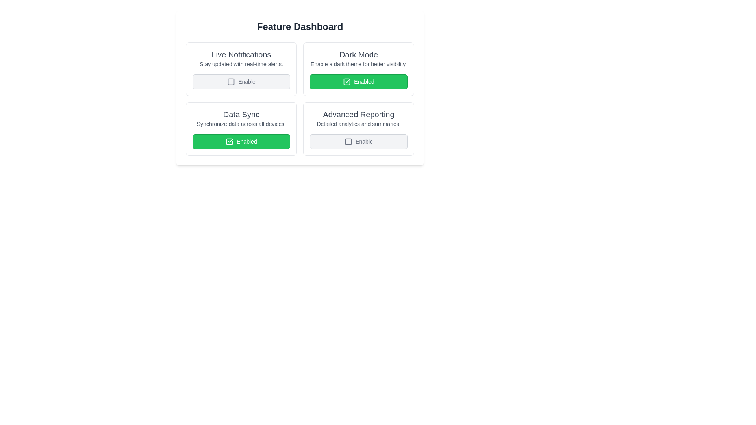 The width and height of the screenshot is (756, 425). What do you see at coordinates (241, 141) in the screenshot?
I see `the 'Enabled' button, which is a green rectangular button with rounded corners located in the 'Data Sync' section, for extended interaction events` at bounding box center [241, 141].